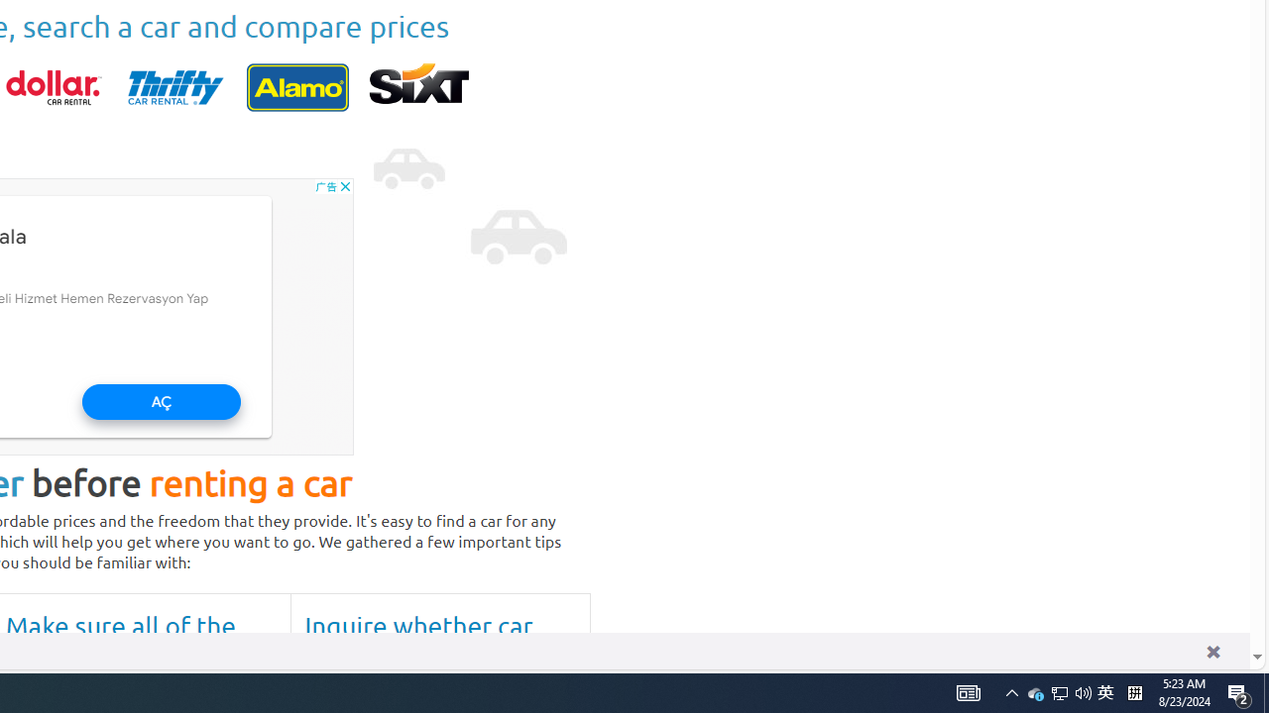 The height and width of the screenshot is (713, 1269). I want to click on 'dismiss cookie message', so click(1211, 651).